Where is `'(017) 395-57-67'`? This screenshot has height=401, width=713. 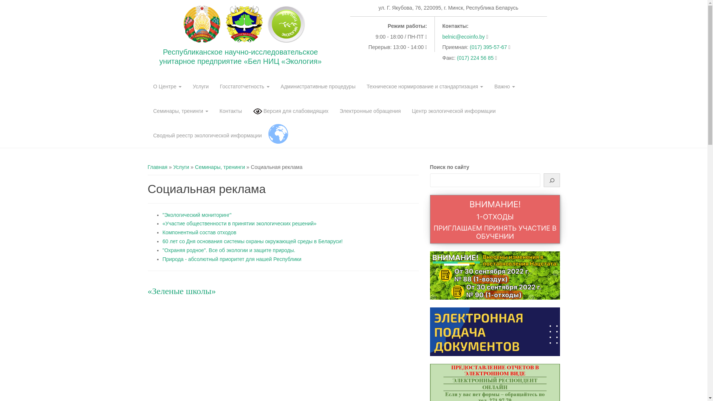 '(017) 395-57-67' is located at coordinates (489, 47).